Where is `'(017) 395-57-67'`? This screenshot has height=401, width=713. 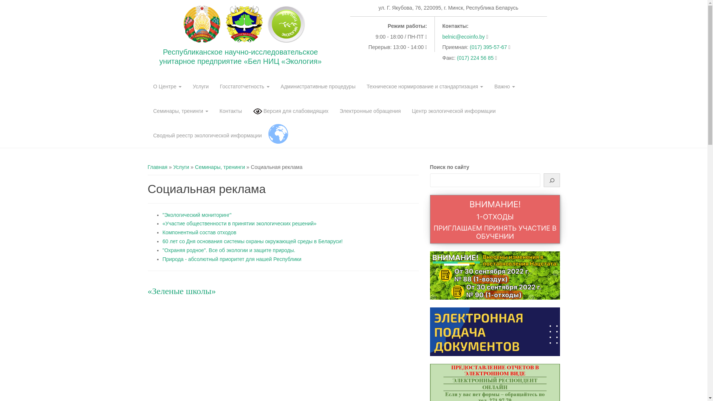 '(017) 395-57-67' is located at coordinates (489, 47).